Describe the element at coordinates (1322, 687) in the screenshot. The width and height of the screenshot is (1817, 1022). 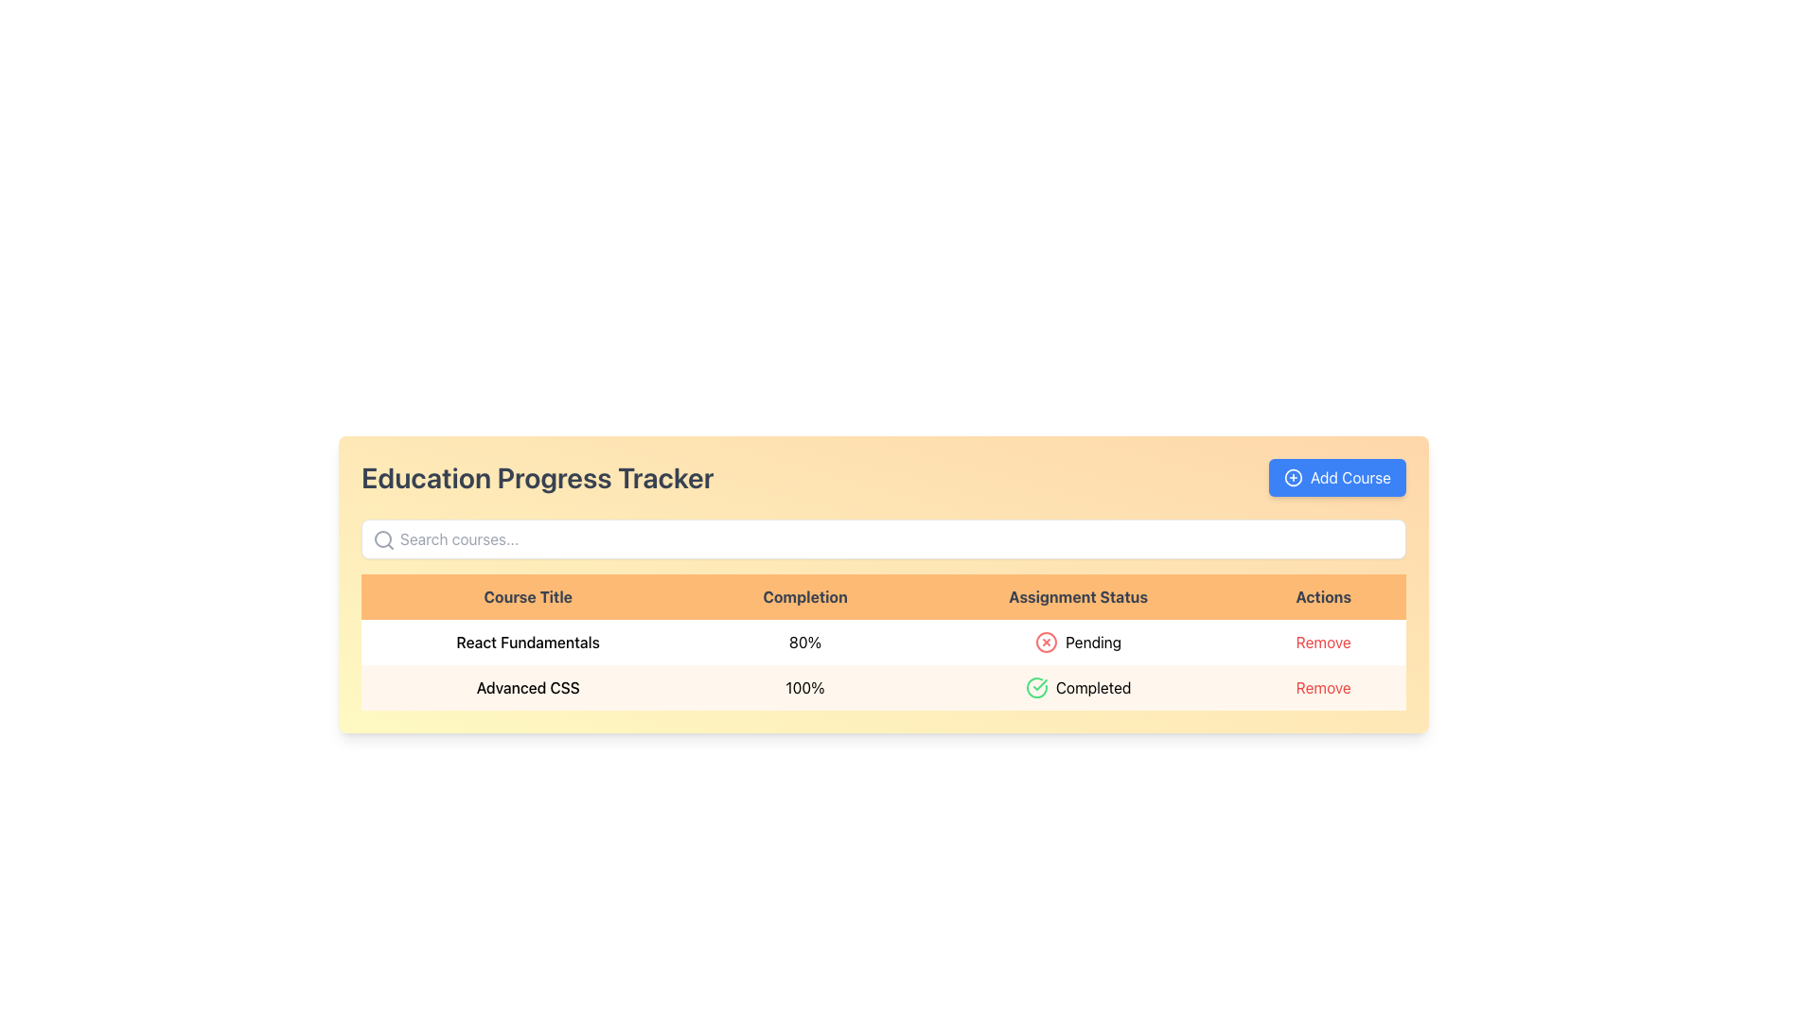
I see `the red textual link labeled 'Remove' in the 'Actions' column of the data table for the 'Advanced CSS' course` at that location.